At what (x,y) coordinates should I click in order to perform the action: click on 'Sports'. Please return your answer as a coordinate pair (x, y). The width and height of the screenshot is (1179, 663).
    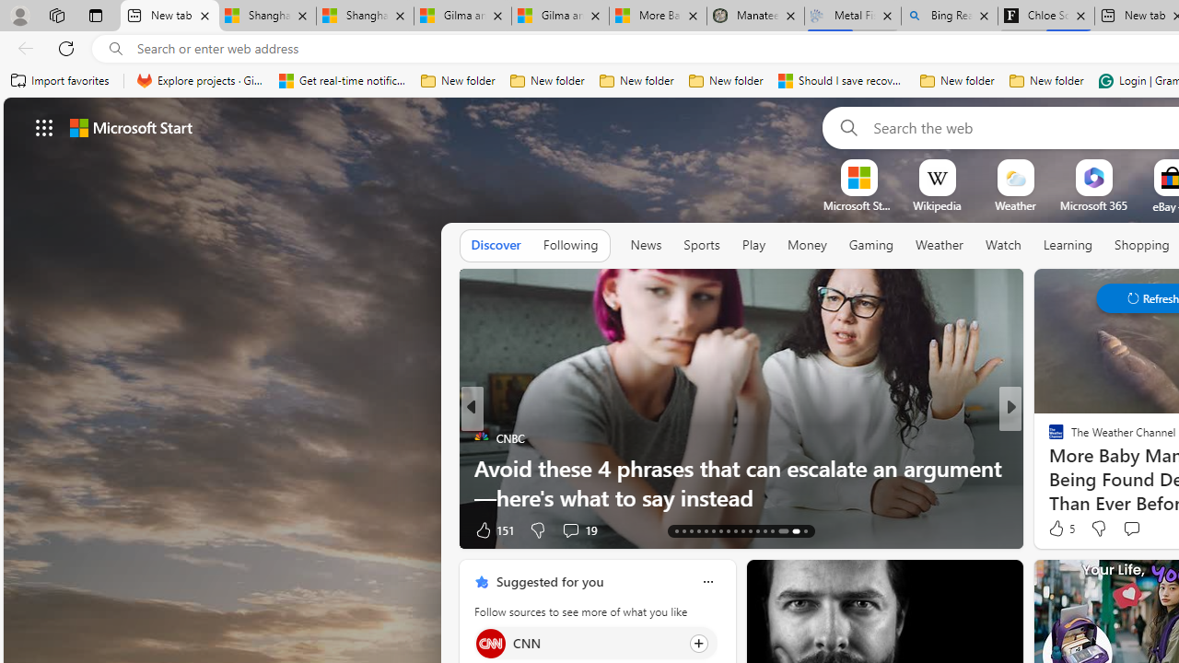
    Looking at the image, I should click on (700, 244).